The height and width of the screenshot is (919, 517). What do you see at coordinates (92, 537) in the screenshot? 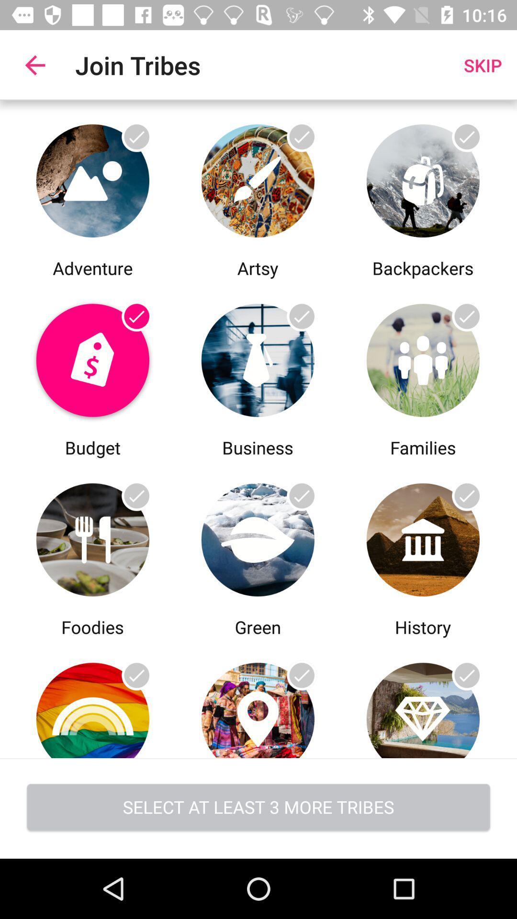
I see `click on the foodies option` at bounding box center [92, 537].